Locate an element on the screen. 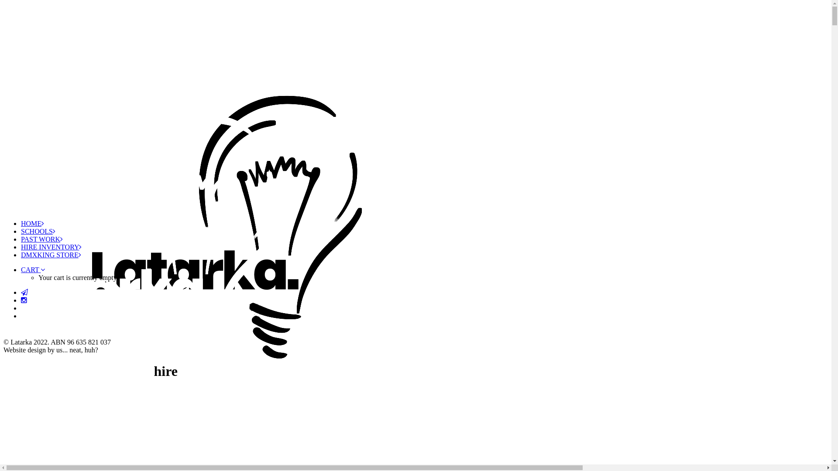 The width and height of the screenshot is (838, 471). 'HIRE INVENTORY' is located at coordinates (51, 247).